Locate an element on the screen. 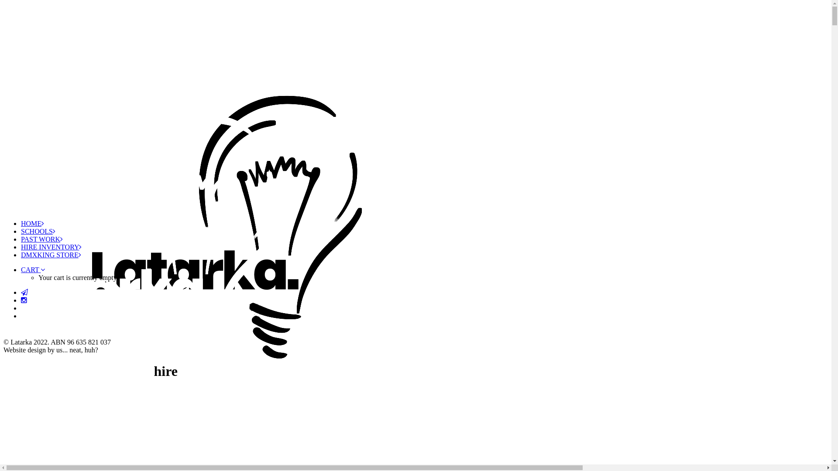 The width and height of the screenshot is (838, 471). 'HIRE INVENTORY' is located at coordinates (51, 247).